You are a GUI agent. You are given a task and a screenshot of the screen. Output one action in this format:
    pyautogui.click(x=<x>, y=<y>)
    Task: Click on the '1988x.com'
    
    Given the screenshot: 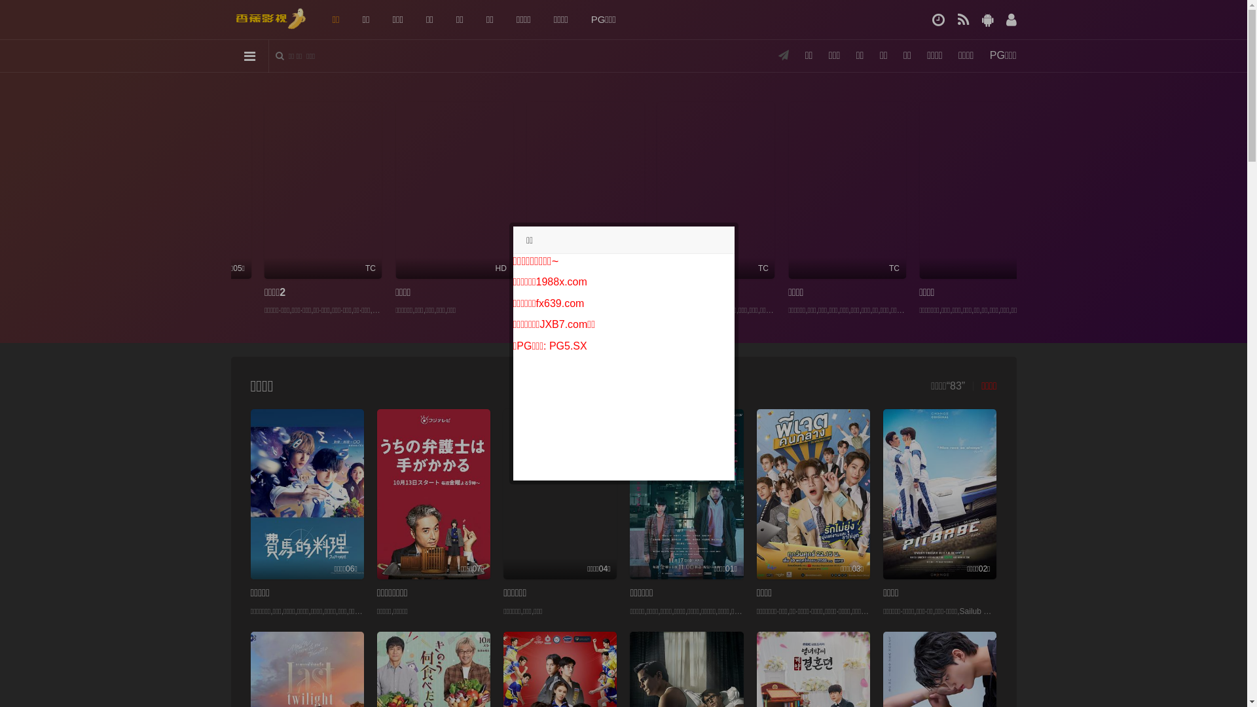 What is the action you would take?
    pyautogui.click(x=536, y=281)
    